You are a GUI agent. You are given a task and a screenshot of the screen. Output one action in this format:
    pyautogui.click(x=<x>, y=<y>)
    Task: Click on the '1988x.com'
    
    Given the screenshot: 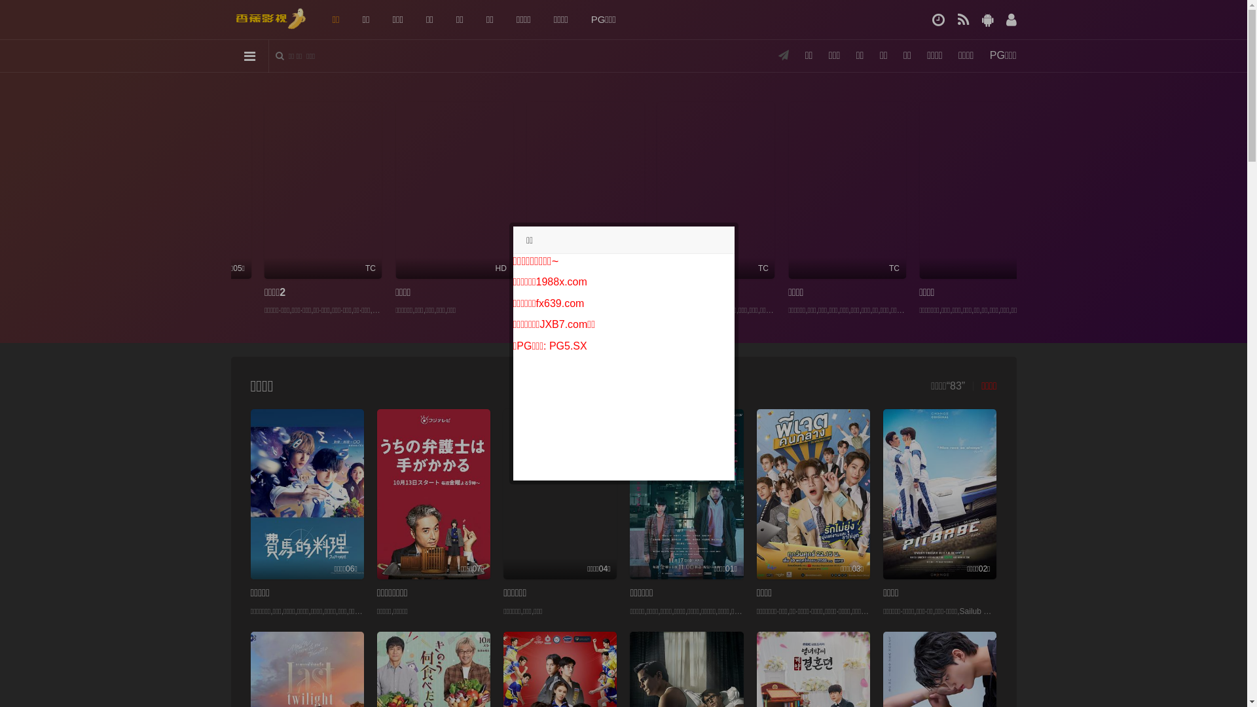 What is the action you would take?
    pyautogui.click(x=536, y=281)
    